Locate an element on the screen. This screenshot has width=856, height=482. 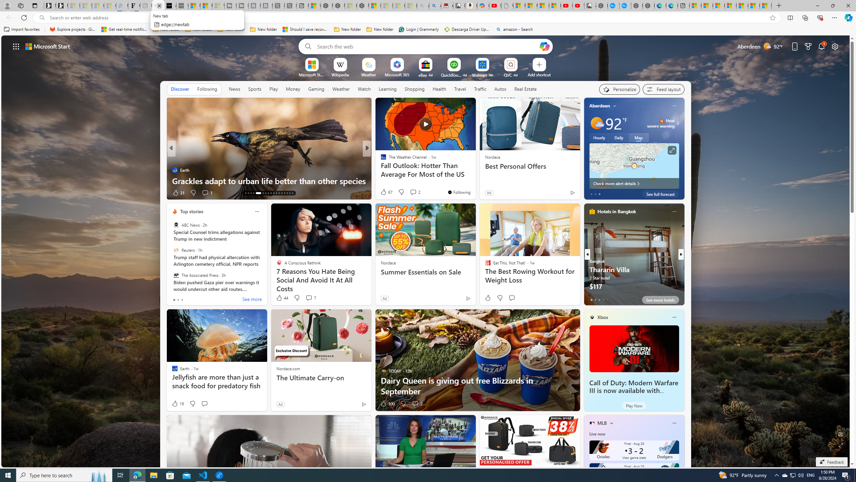
'Microsoft Start Sports' is located at coordinates (311, 74).